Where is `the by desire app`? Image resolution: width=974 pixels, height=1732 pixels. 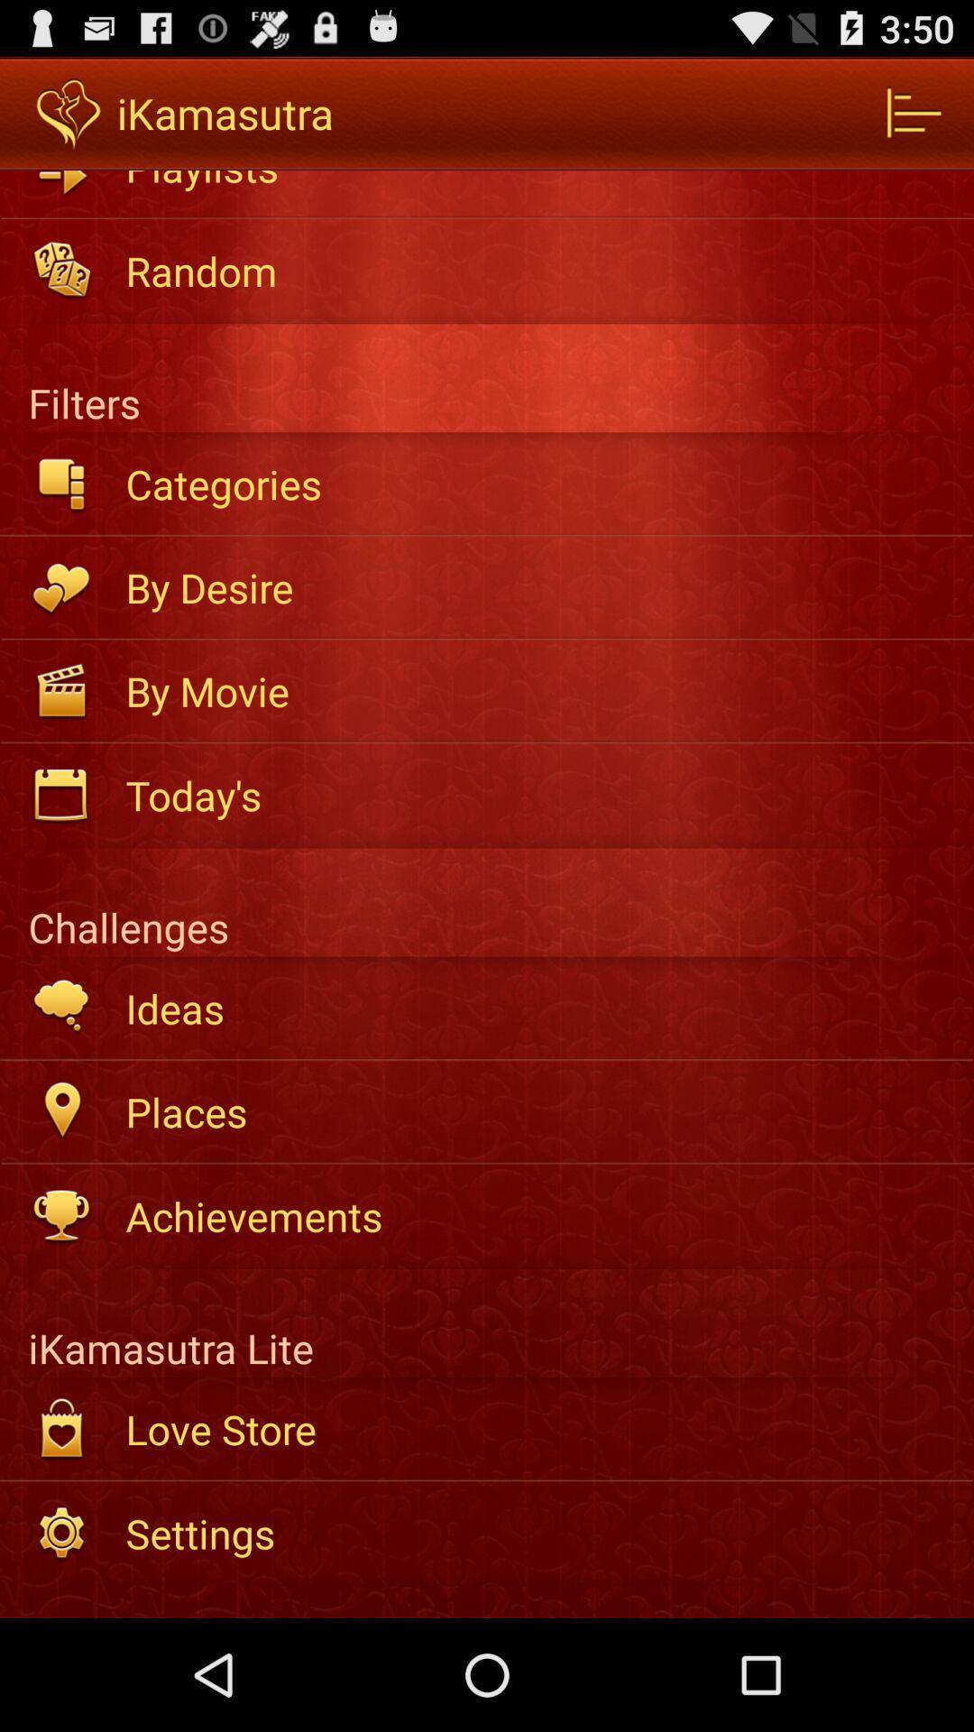 the by desire app is located at coordinates (537, 587).